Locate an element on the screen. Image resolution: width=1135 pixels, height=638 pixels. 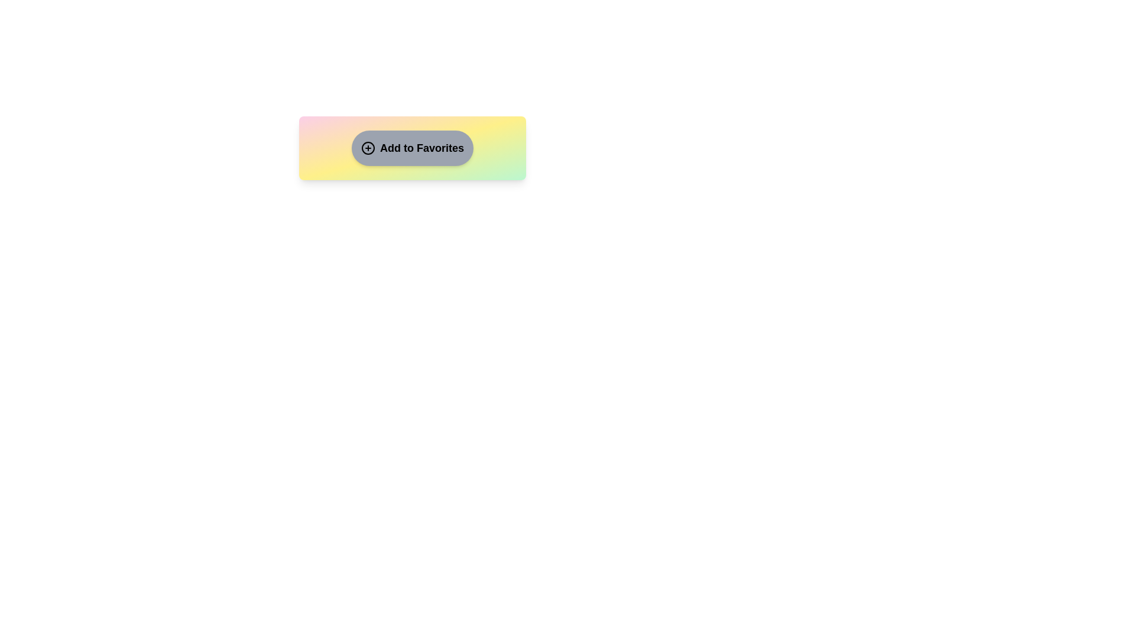
the 'Add to Favorites' button to toggle its state is located at coordinates (412, 147).